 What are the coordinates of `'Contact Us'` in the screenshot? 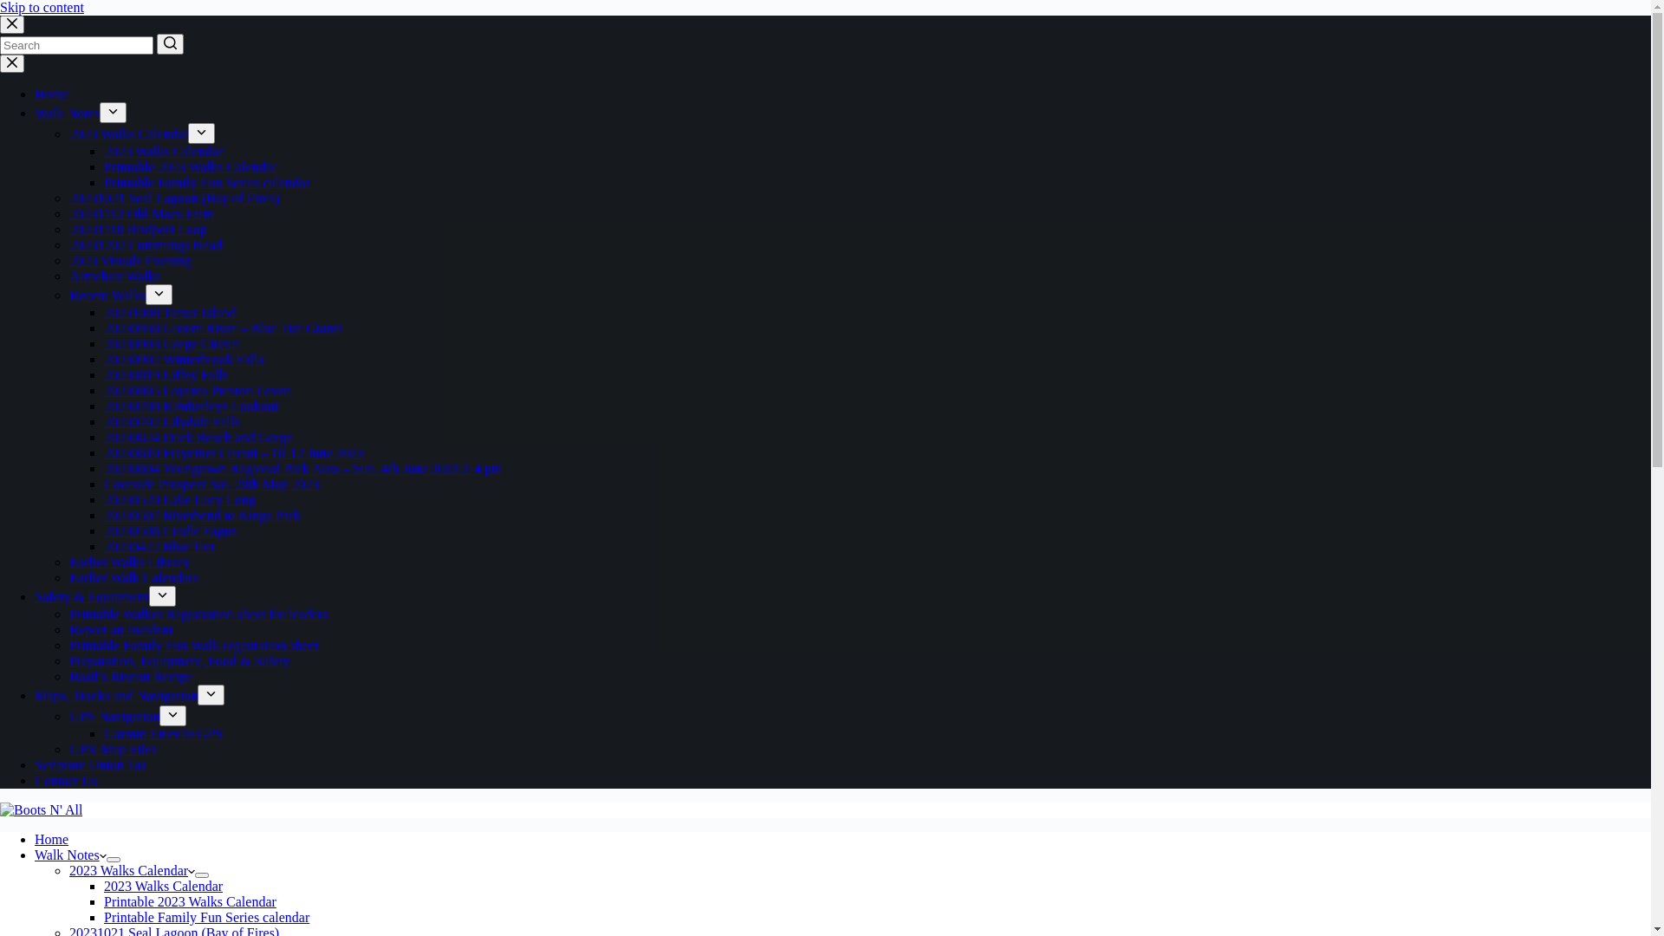 It's located at (66, 780).